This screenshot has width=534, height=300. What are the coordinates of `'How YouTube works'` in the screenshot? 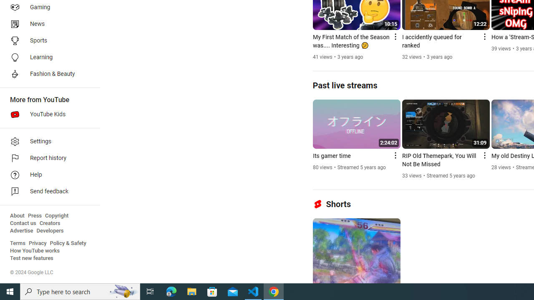 It's located at (34, 250).